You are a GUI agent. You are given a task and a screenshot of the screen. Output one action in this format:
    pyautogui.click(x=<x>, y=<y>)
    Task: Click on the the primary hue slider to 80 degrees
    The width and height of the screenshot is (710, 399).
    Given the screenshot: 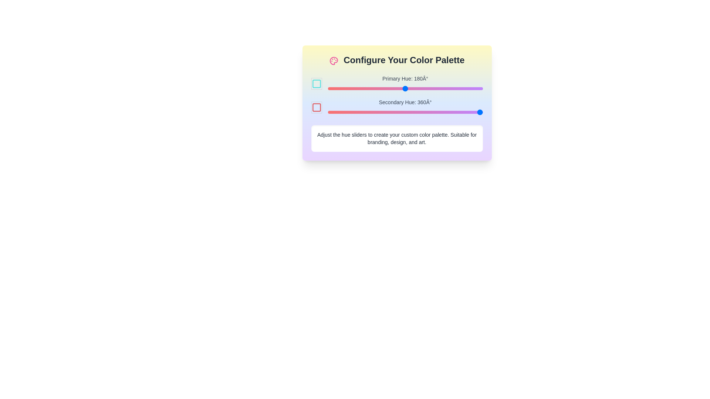 What is the action you would take?
    pyautogui.click(x=362, y=88)
    